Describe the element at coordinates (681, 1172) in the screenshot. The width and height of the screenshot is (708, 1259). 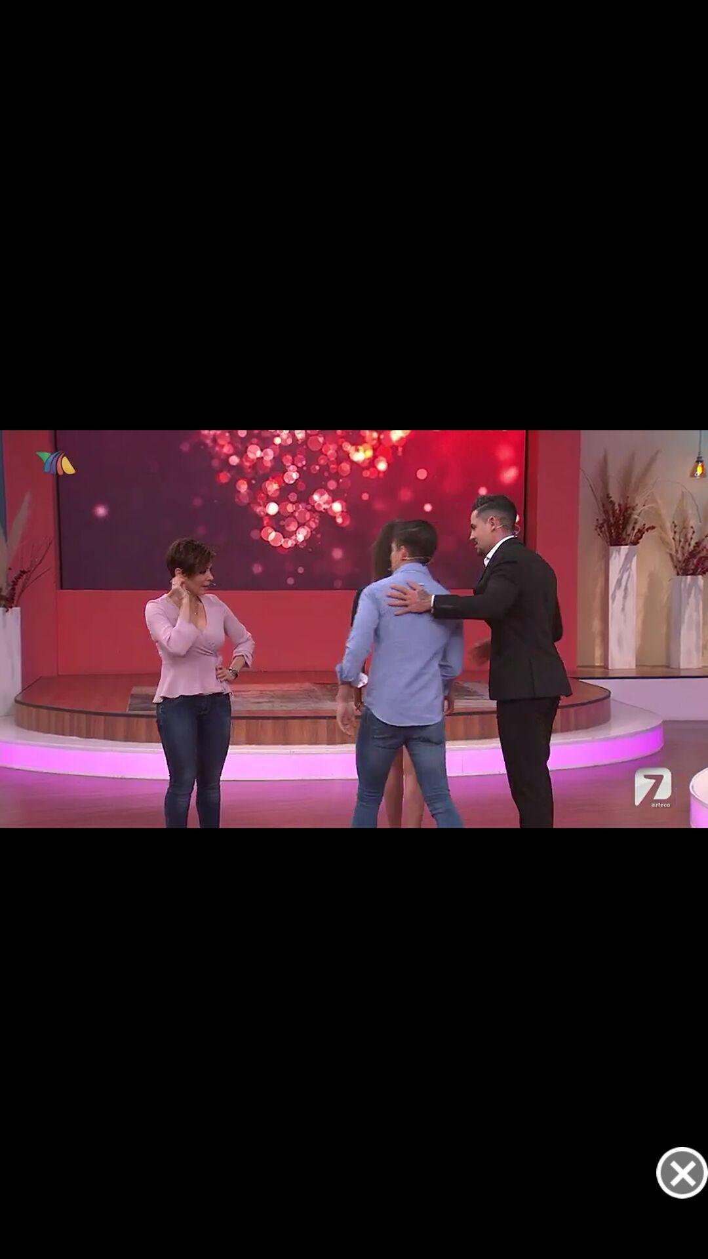
I see `closes the video` at that location.